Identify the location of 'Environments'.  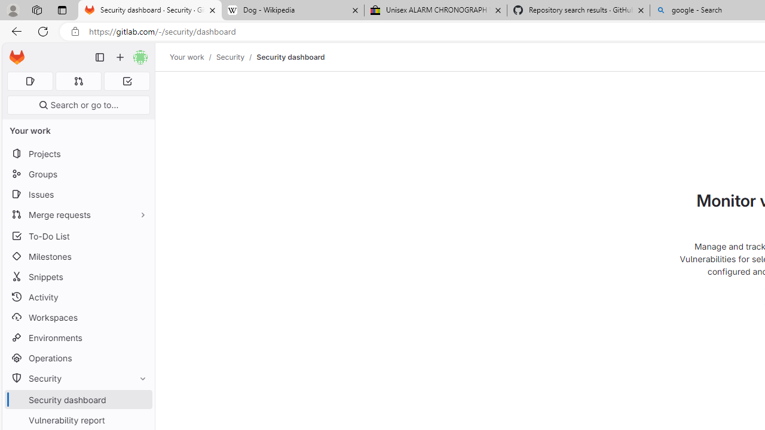
(78, 337).